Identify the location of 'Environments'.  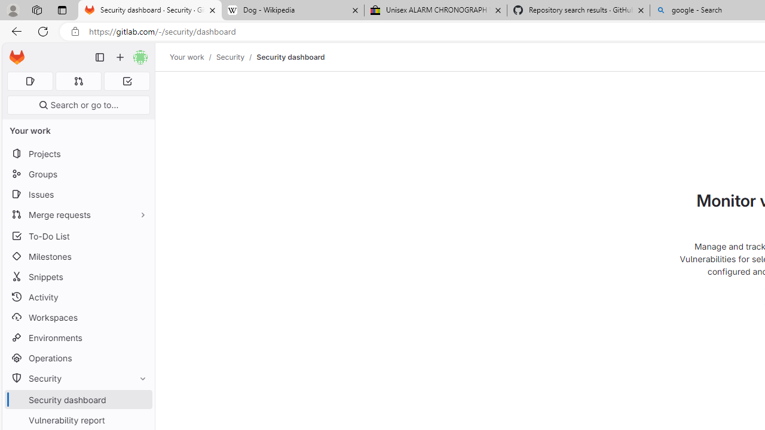
(78, 337).